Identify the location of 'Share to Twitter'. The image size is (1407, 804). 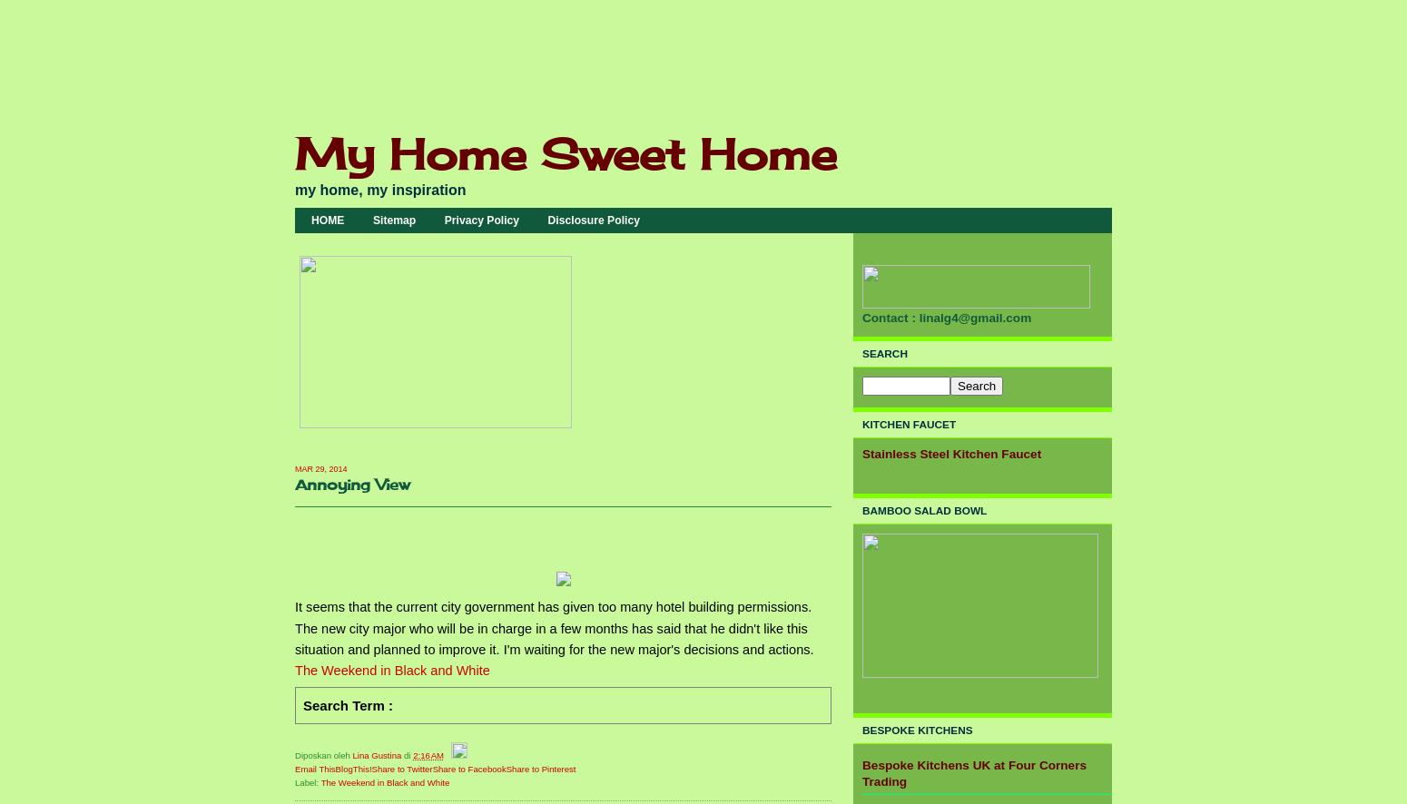
(401, 767).